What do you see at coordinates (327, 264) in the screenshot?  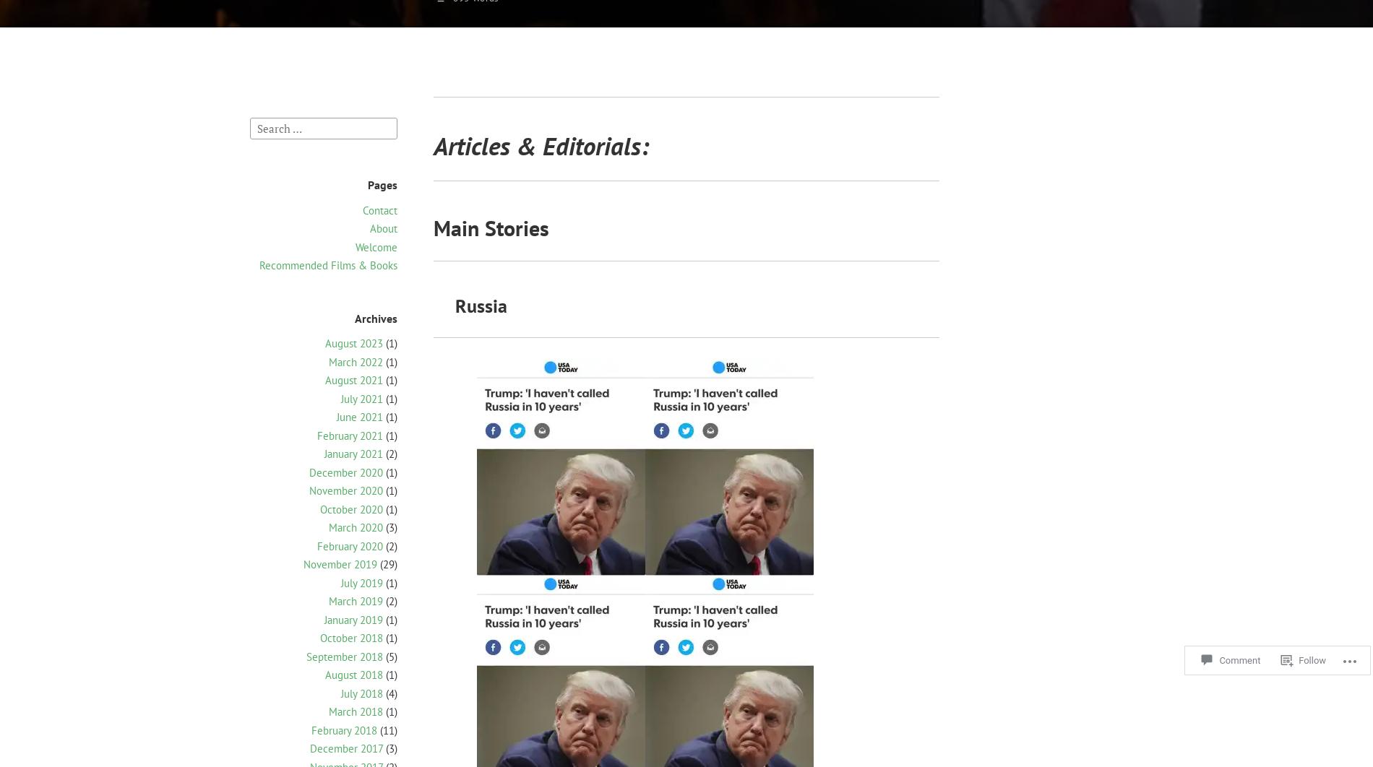 I see `'Recommended Films & Books'` at bounding box center [327, 264].